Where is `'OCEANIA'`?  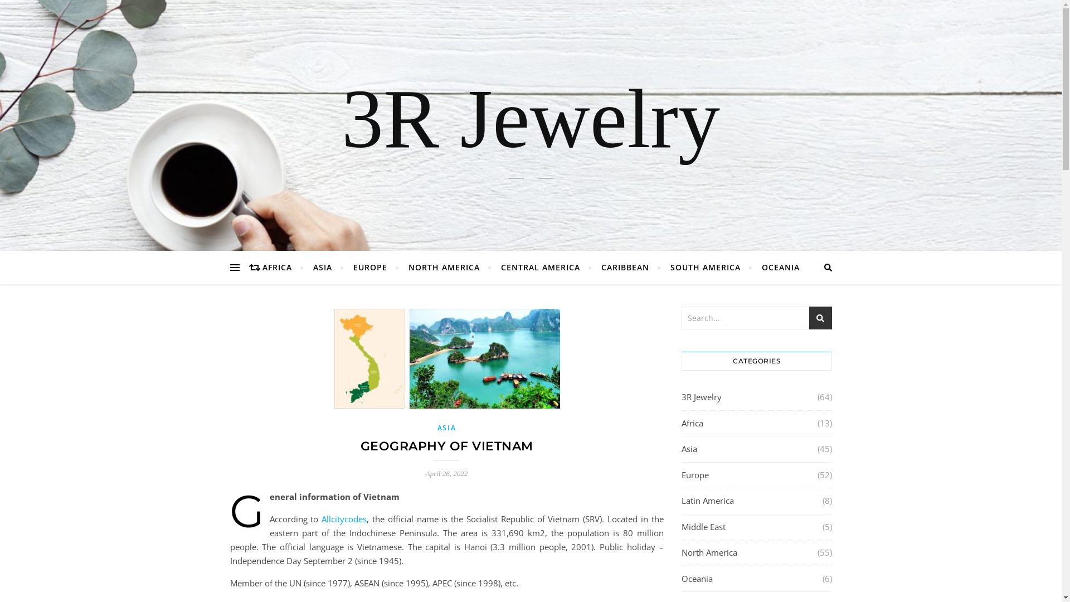
'OCEANIA' is located at coordinates (775, 267).